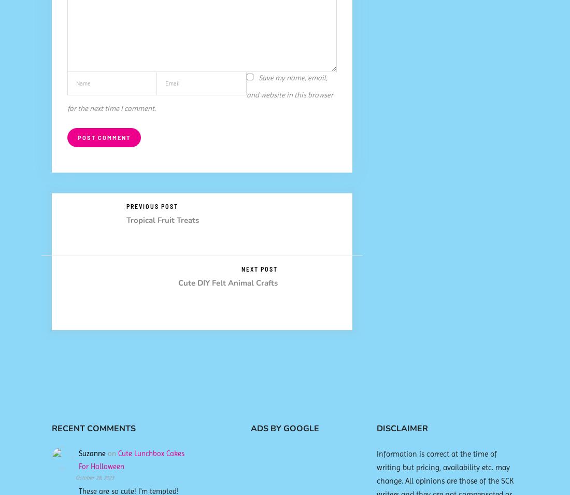 Image resolution: width=570 pixels, height=495 pixels. I want to click on 'ADS BY GOOGLE', so click(250, 428).